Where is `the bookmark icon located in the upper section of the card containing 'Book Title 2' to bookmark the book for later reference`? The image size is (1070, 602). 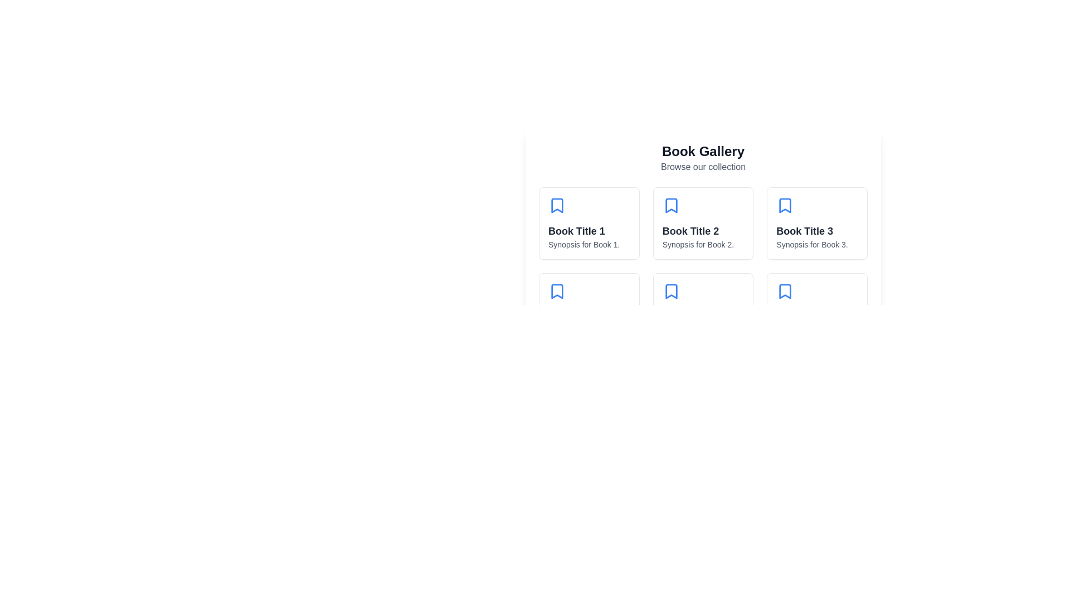 the bookmark icon located in the upper section of the card containing 'Book Title 2' to bookmark the book for later reference is located at coordinates (670, 206).